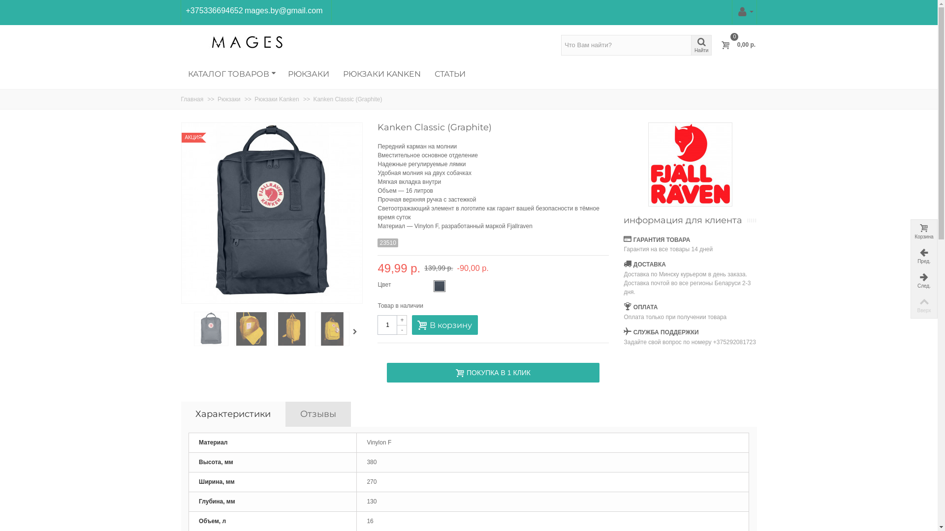 Image resolution: width=945 pixels, height=531 pixels. What do you see at coordinates (214, 11) in the screenshot?
I see `'+375336694652'` at bounding box center [214, 11].